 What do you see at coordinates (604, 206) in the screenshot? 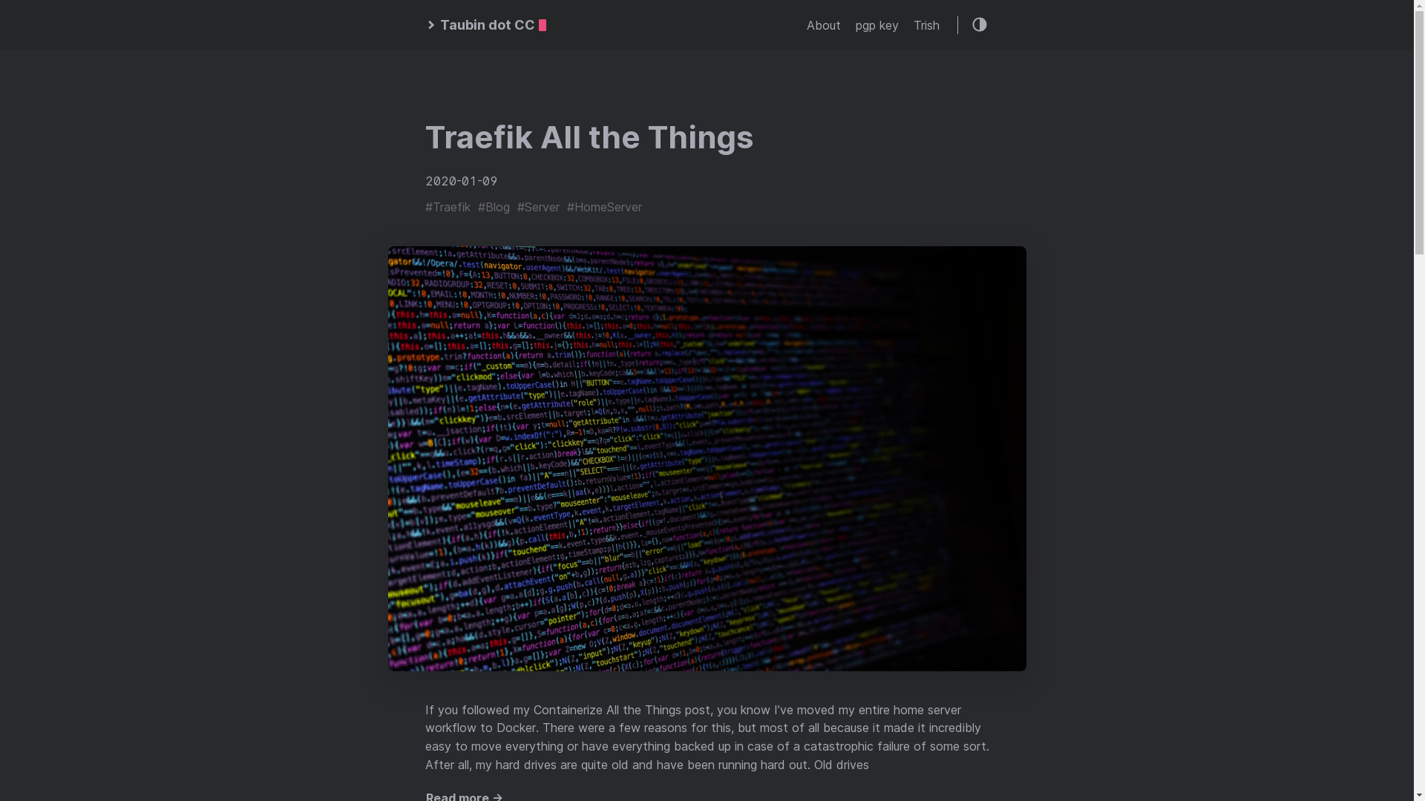
I see `'#HomeServer'` at bounding box center [604, 206].